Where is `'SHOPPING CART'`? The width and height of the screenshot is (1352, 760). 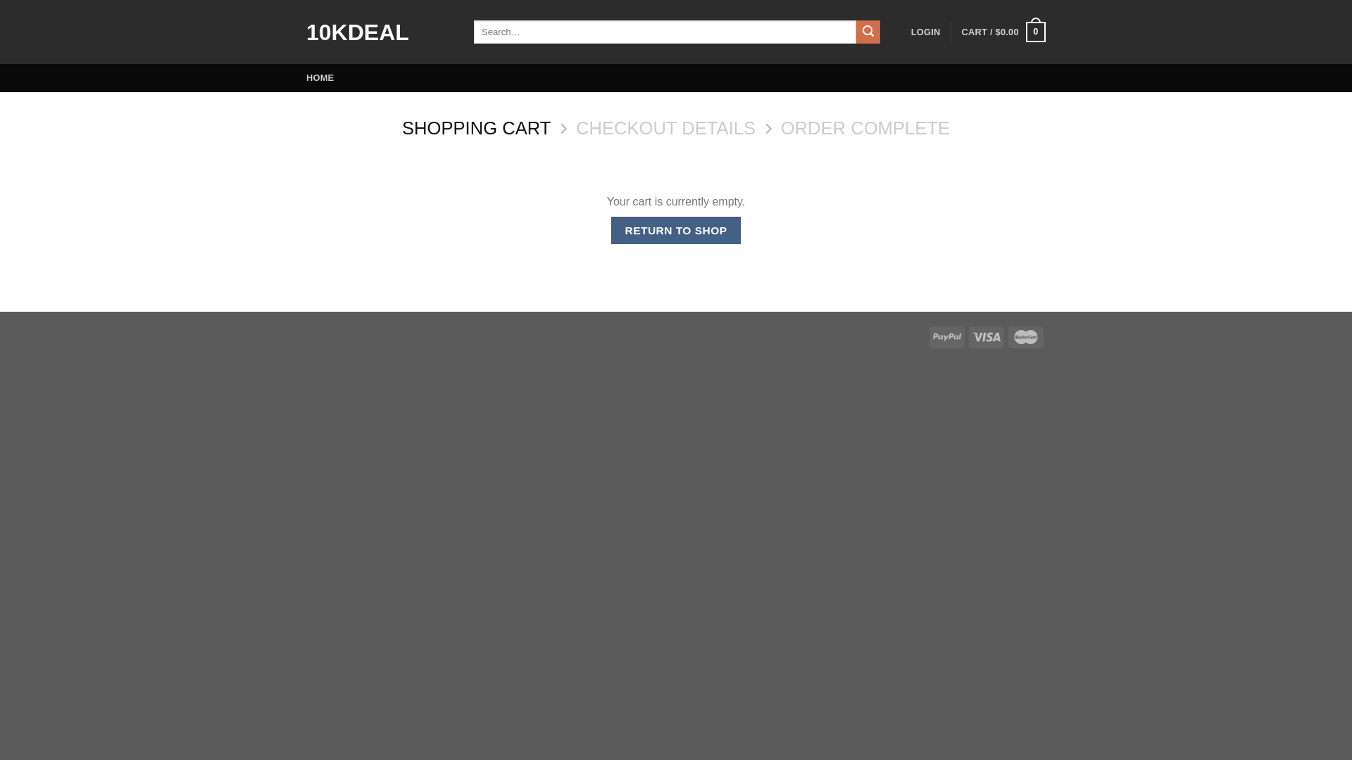 'SHOPPING CART' is located at coordinates (476, 128).